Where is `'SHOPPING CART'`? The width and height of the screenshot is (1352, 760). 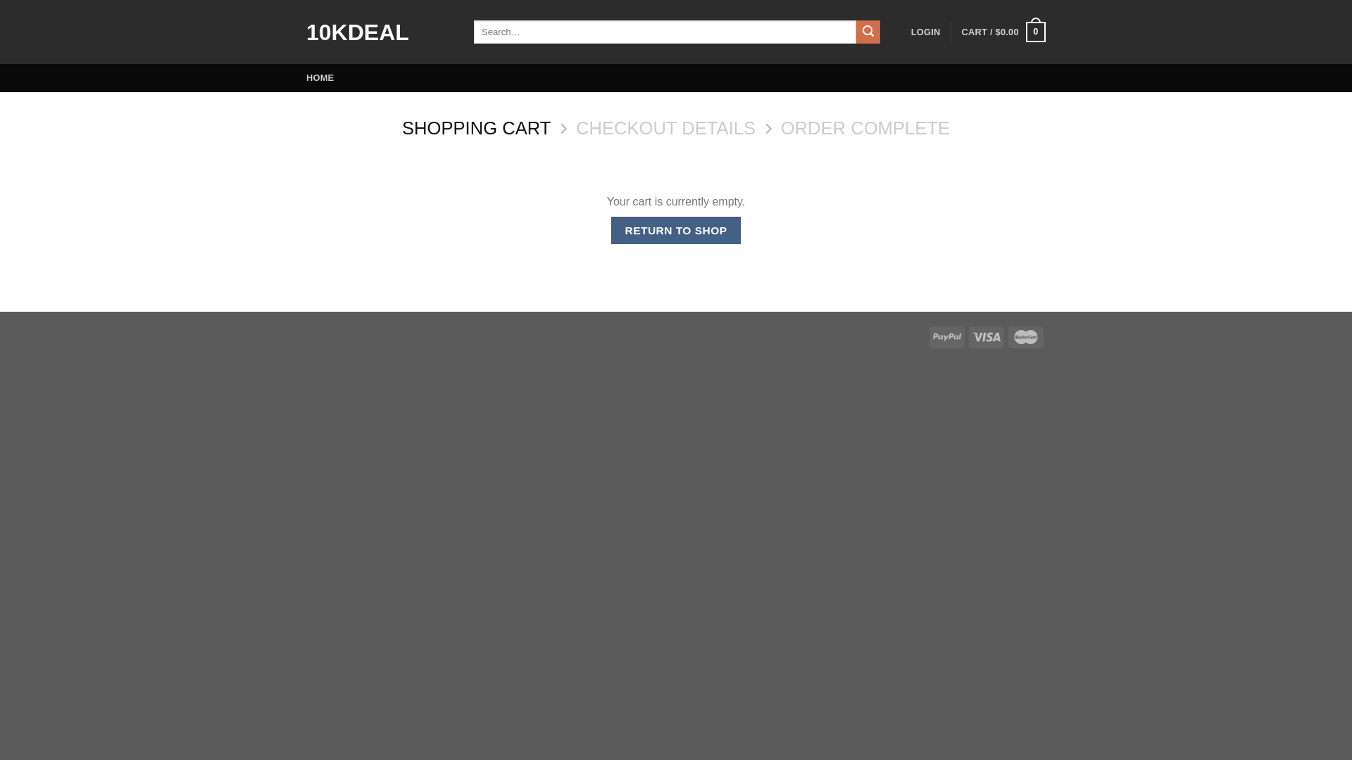 'SHOPPING CART' is located at coordinates (476, 128).